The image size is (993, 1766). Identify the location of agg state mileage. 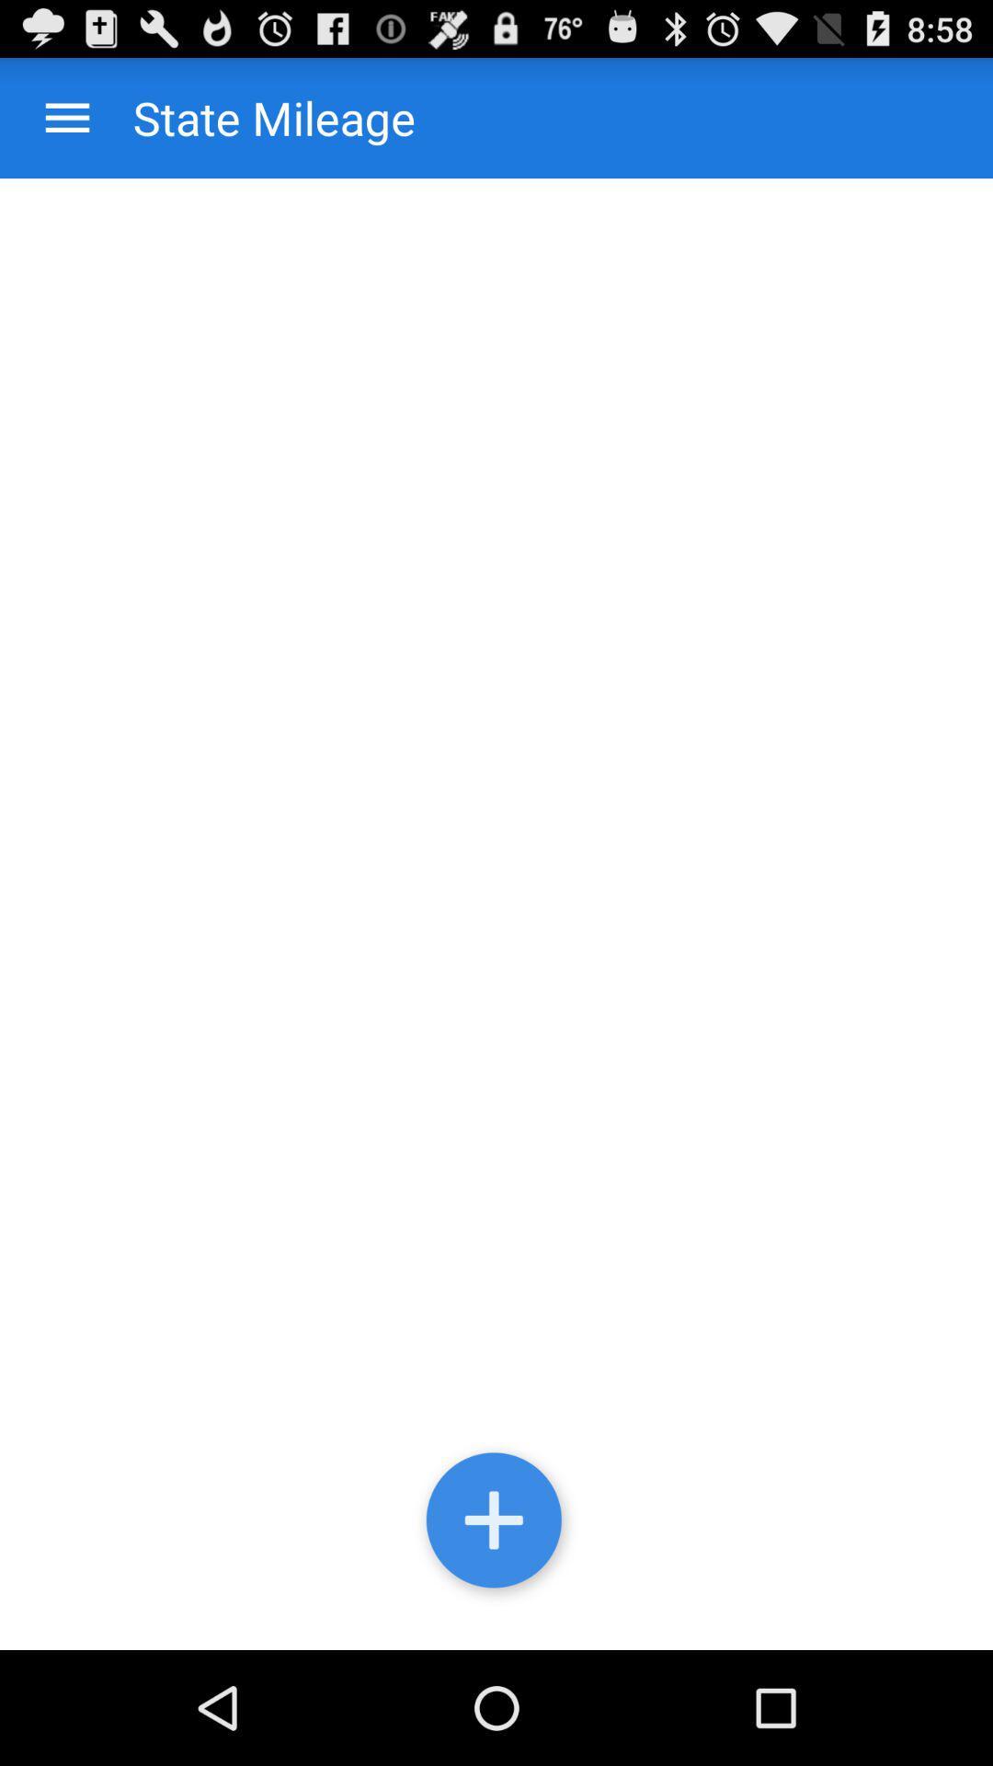
(496, 1524).